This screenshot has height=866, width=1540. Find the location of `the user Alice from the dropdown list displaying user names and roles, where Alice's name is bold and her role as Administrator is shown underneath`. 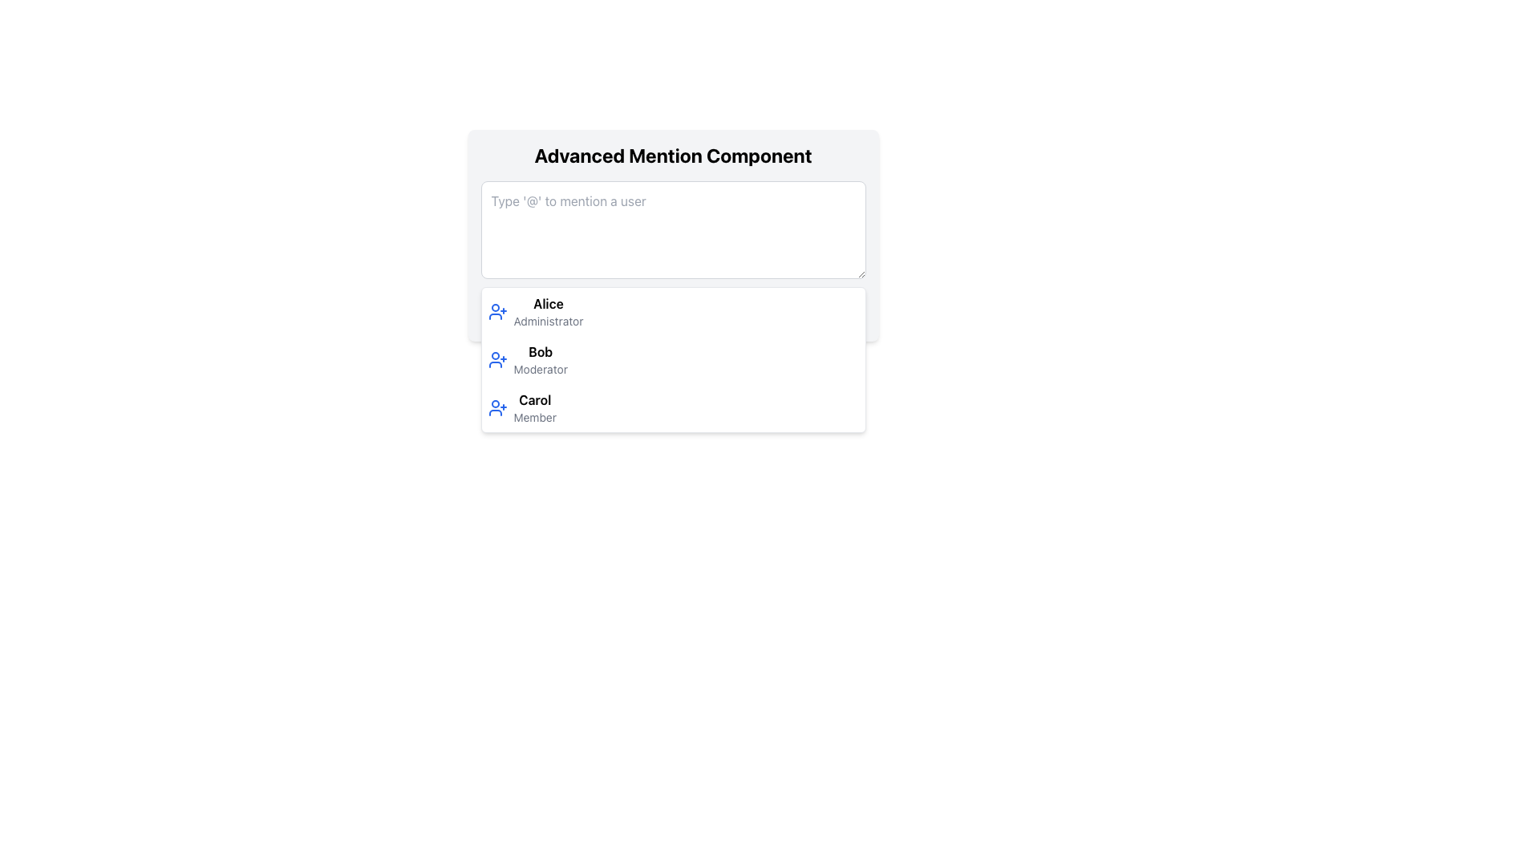

the user Alice from the dropdown list displaying user names and roles, where Alice's name is bold and her role as Administrator is shown underneath is located at coordinates (548, 312).